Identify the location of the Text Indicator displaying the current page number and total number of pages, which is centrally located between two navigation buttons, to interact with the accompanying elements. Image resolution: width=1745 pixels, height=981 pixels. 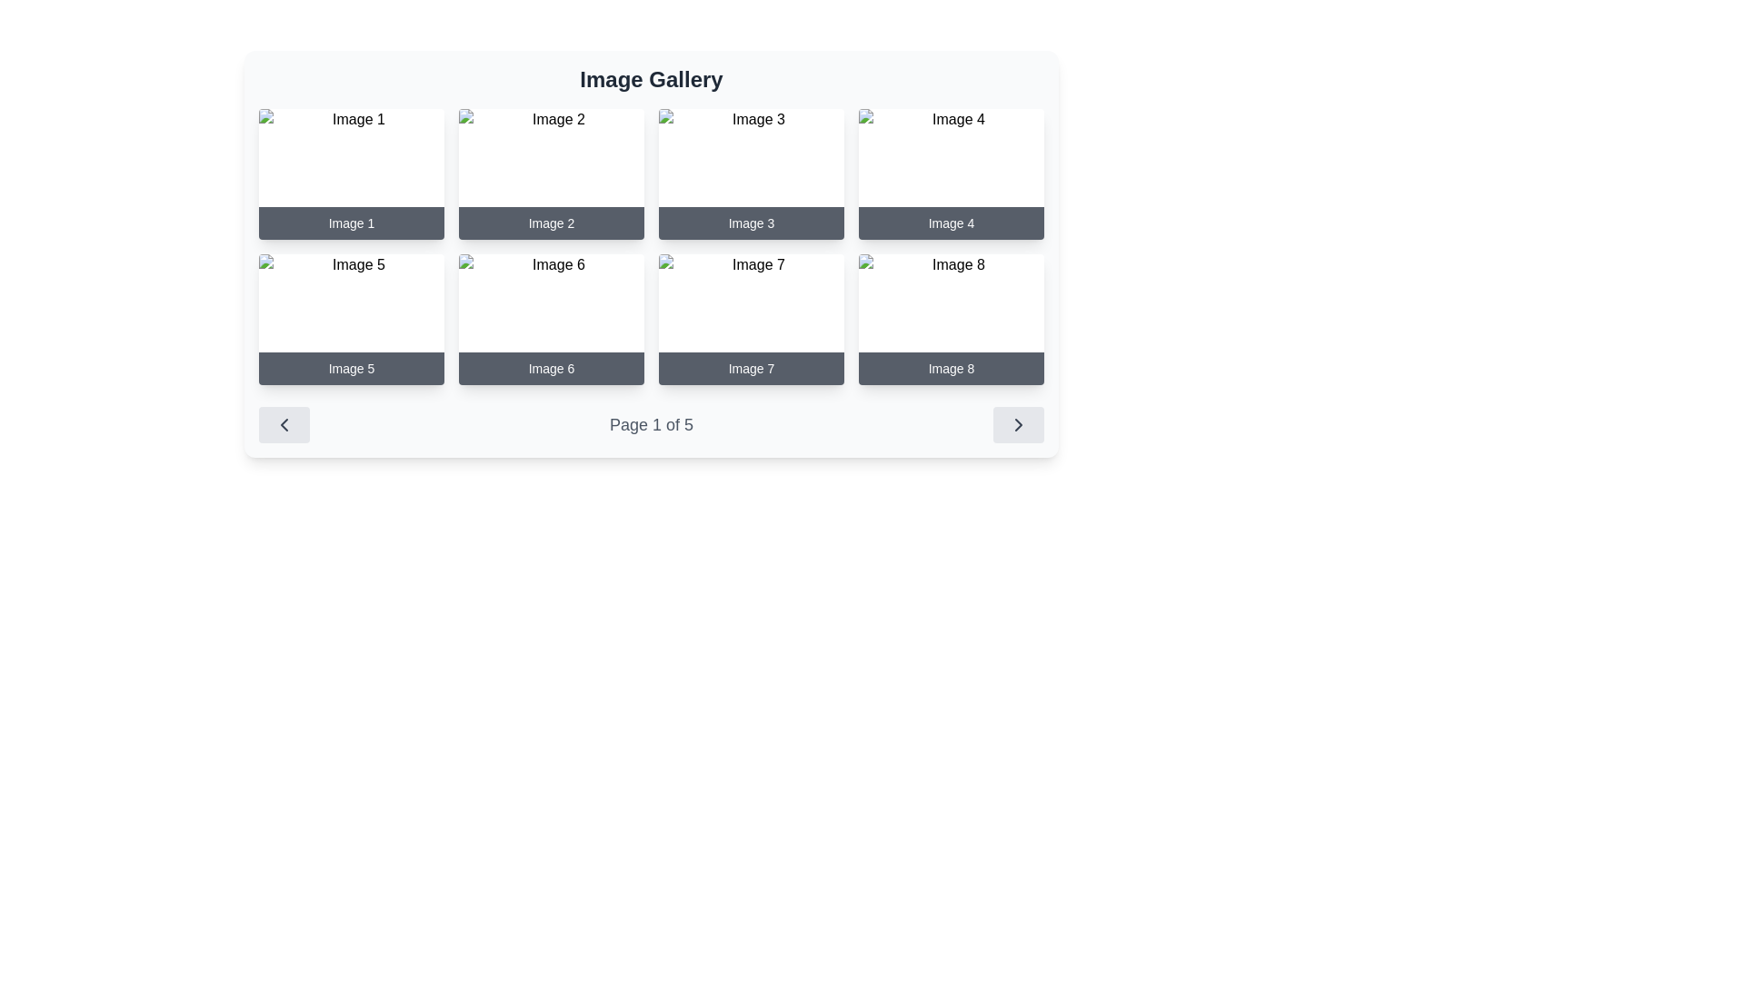
(651, 424).